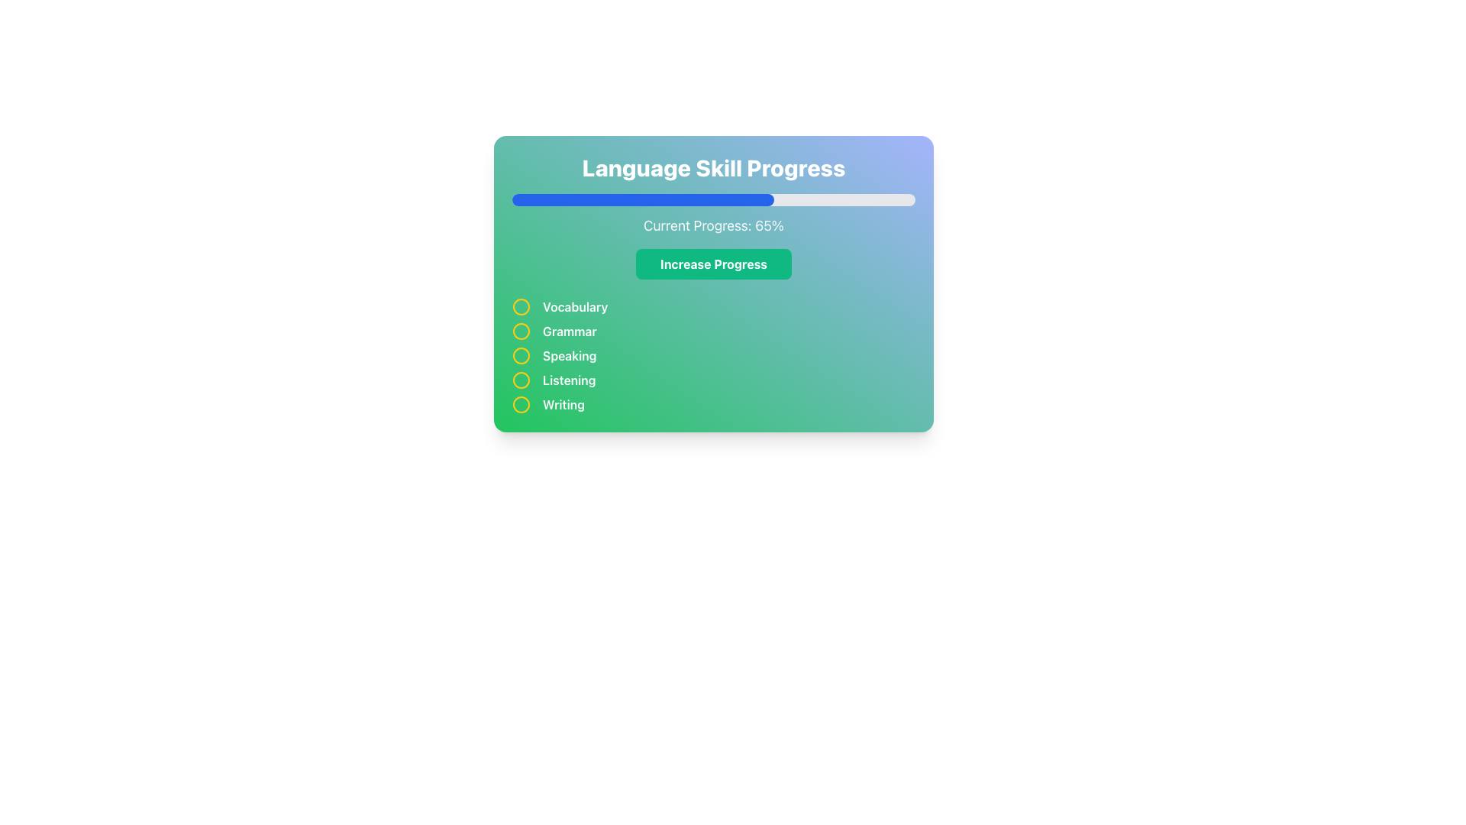  I want to click on the 'Speaking' row, which includes a circular icon with a yellow border, to select it, so click(521, 356).